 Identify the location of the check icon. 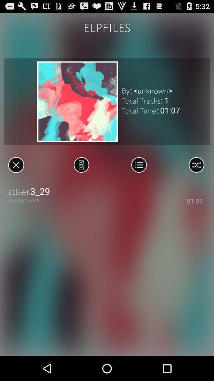
(81, 176).